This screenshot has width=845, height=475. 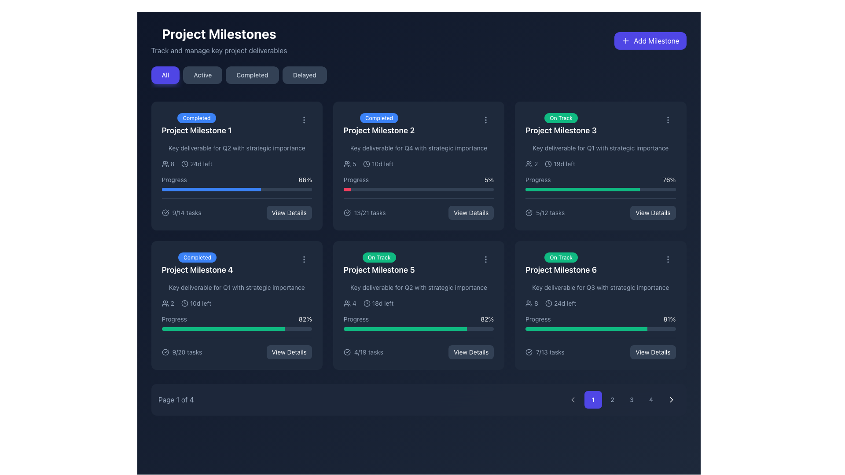 What do you see at coordinates (586, 329) in the screenshot?
I see `the progress bar segment representing 81% completion of Project Milestone 6, located in the second row, third column of the milestone cards` at bounding box center [586, 329].